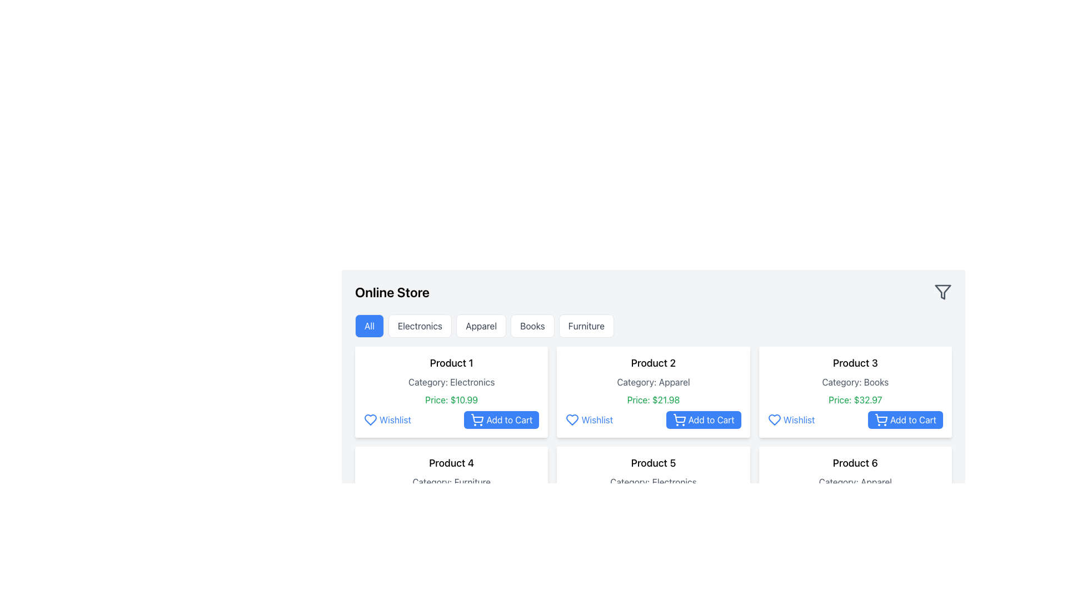  What do you see at coordinates (589, 520) in the screenshot?
I see `the 'Wishlist' link, which is the first interactive clickable link in the group of action buttons` at bounding box center [589, 520].